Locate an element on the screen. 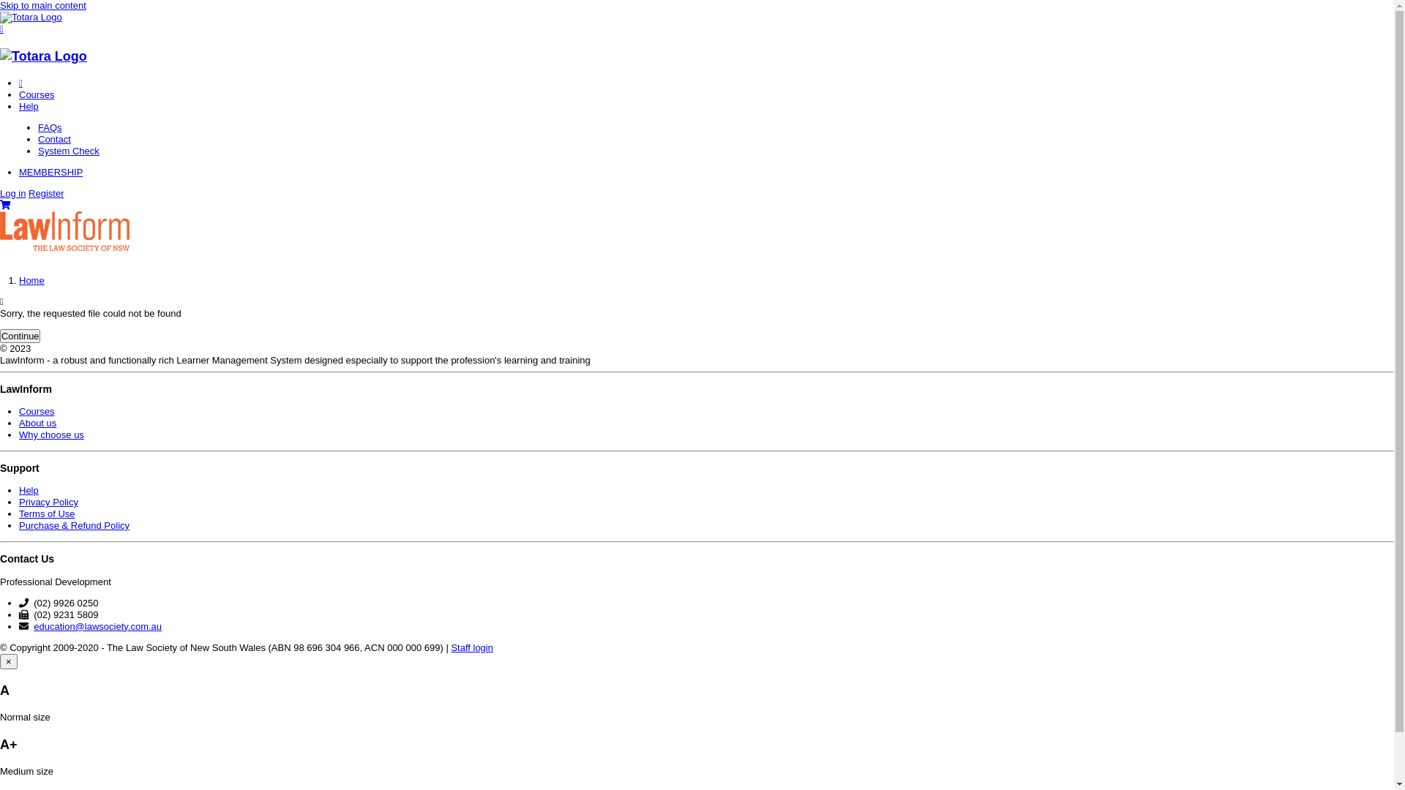 This screenshot has width=1405, height=790. 'Staff login' is located at coordinates (471, 647).